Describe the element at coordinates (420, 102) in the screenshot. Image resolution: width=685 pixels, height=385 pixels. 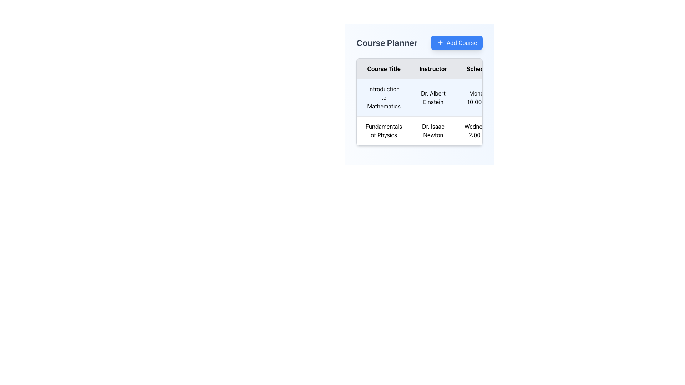
I see `a cell in the course details table located within the 'Course Planner' panel` at that location.